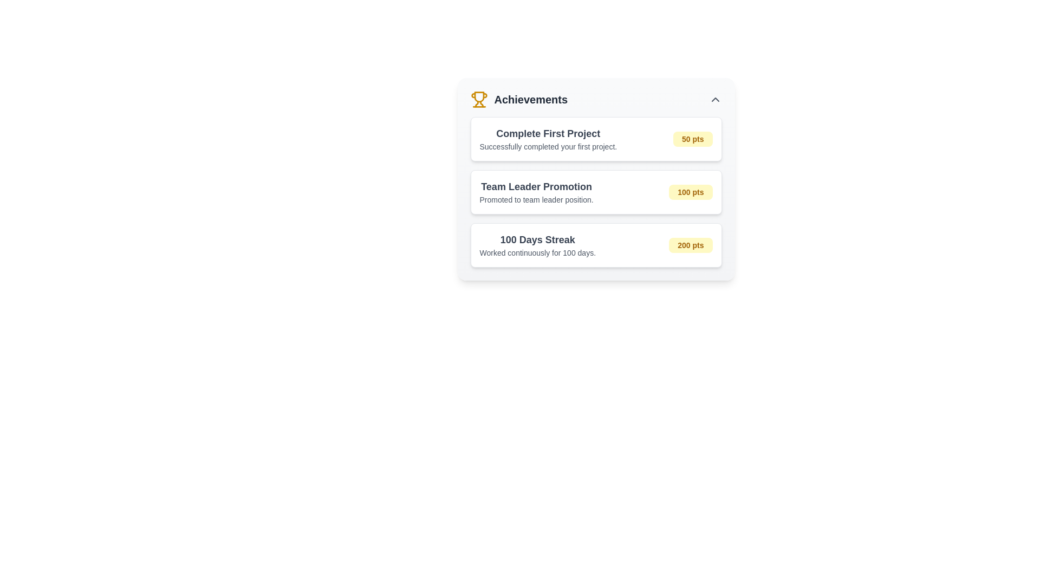  What do you see at coordinates (692, 139) in the screenshot?
I see `the badge displaying '50 pts' with a yellow background, located in the 'Complete First Project' section of the achievement list` at bounding box center [692, 139].